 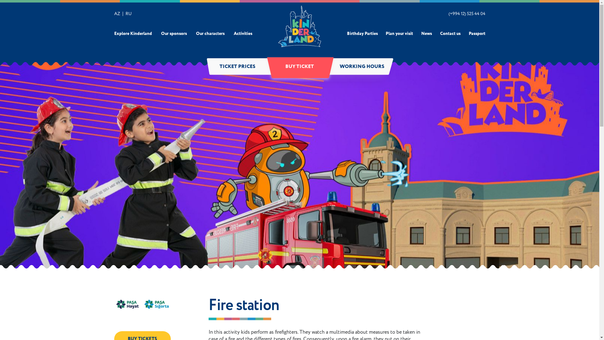 What do you see at coordinates (439, 34) in the screenshot?
I see `'Contact us'` at bounding box center [439, 34].